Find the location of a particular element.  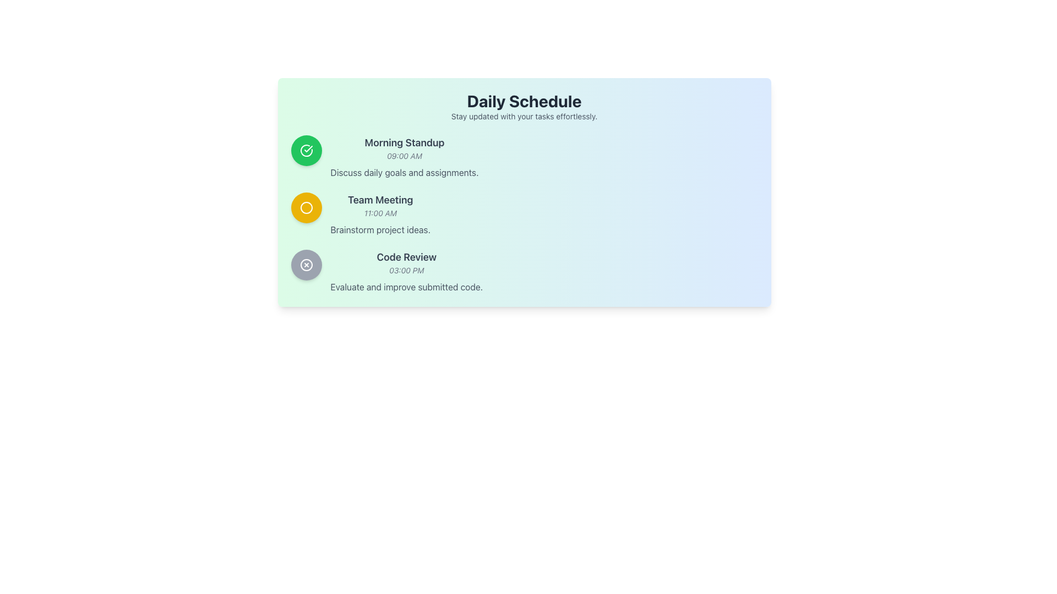

the first structured list item representing a scheduled meeting or activity located near the top of the list, preceding 'Team Meeting' and 'Code Review' is located at coordinates (524, 157).